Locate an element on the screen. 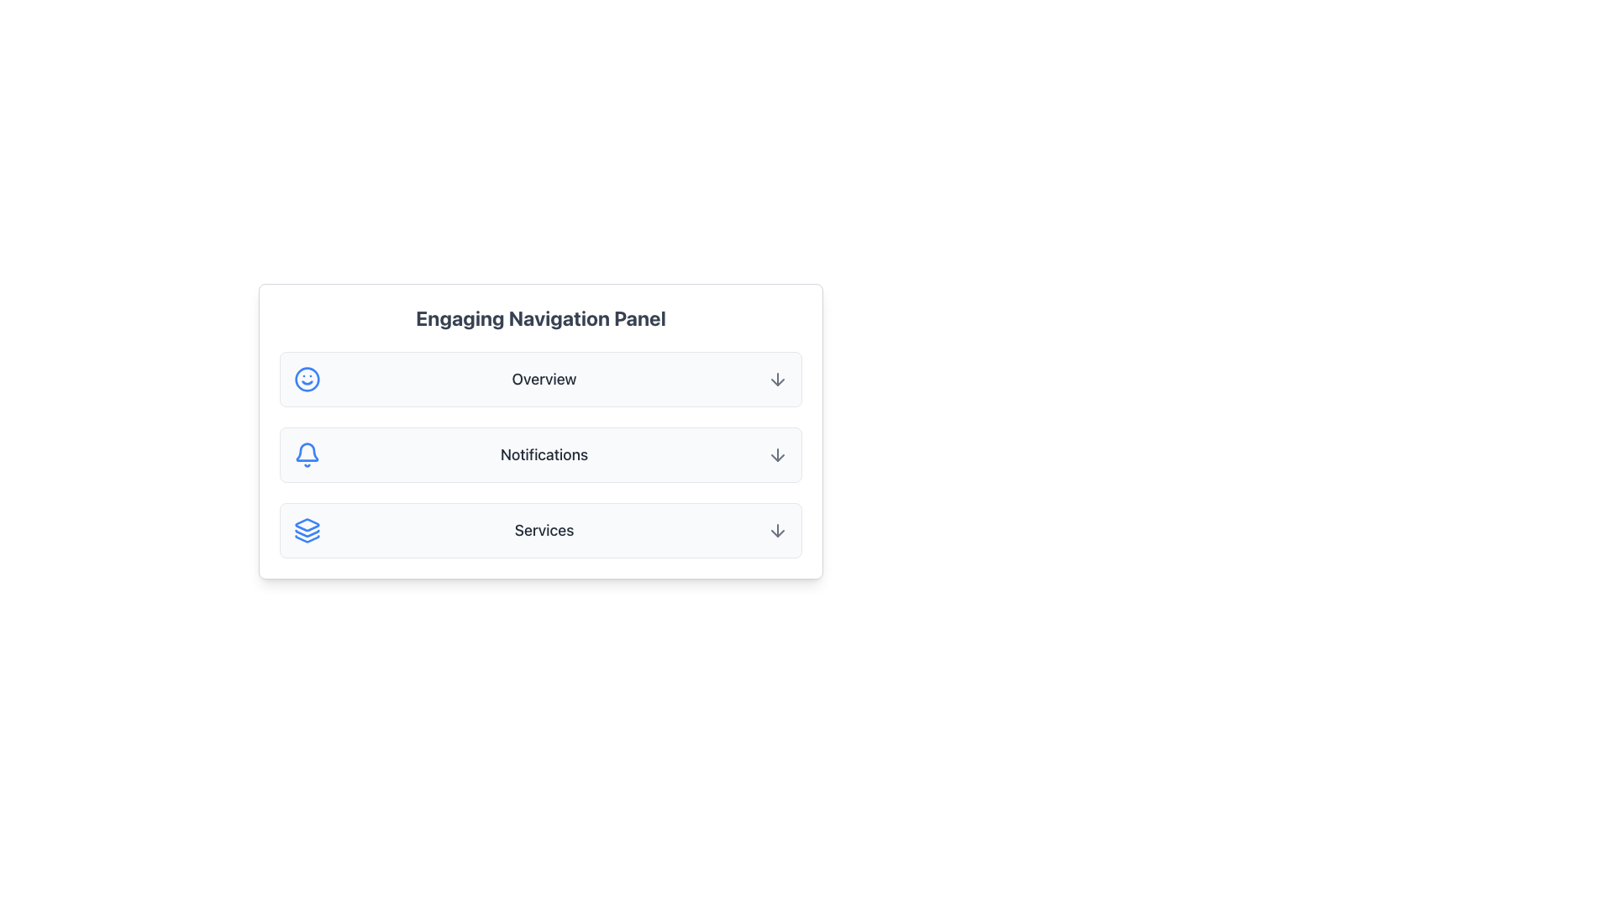 This screenshot has height=907, width=1613. the Notifications menu item in the vertically stacked navigation panel is located at coordinates (540, 455).